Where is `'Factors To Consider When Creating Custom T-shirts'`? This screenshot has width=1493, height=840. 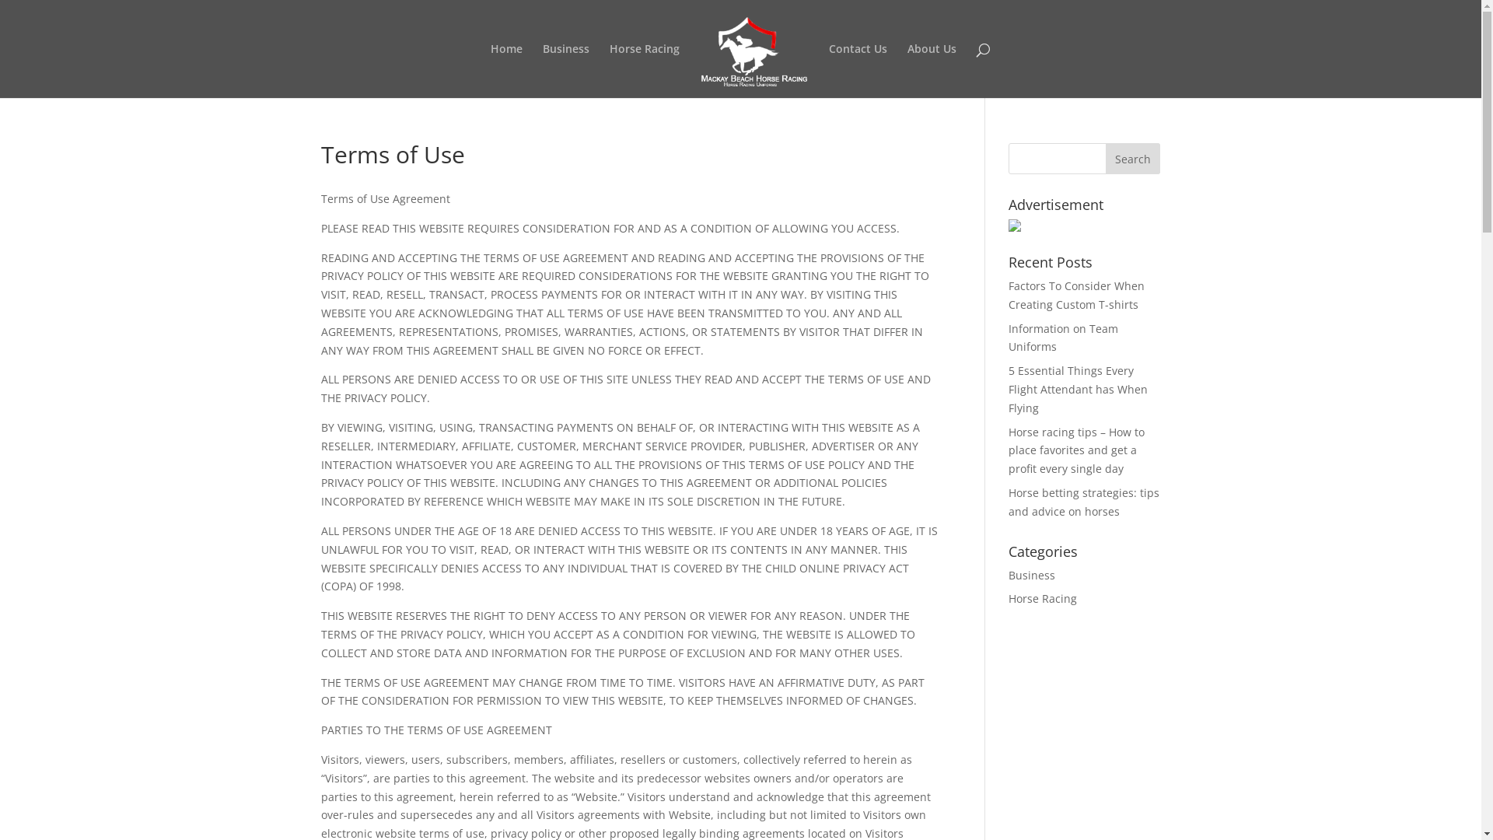 'Factors To Consider When Creating Custom T-shirts' is located at coordinates (1075, 295).